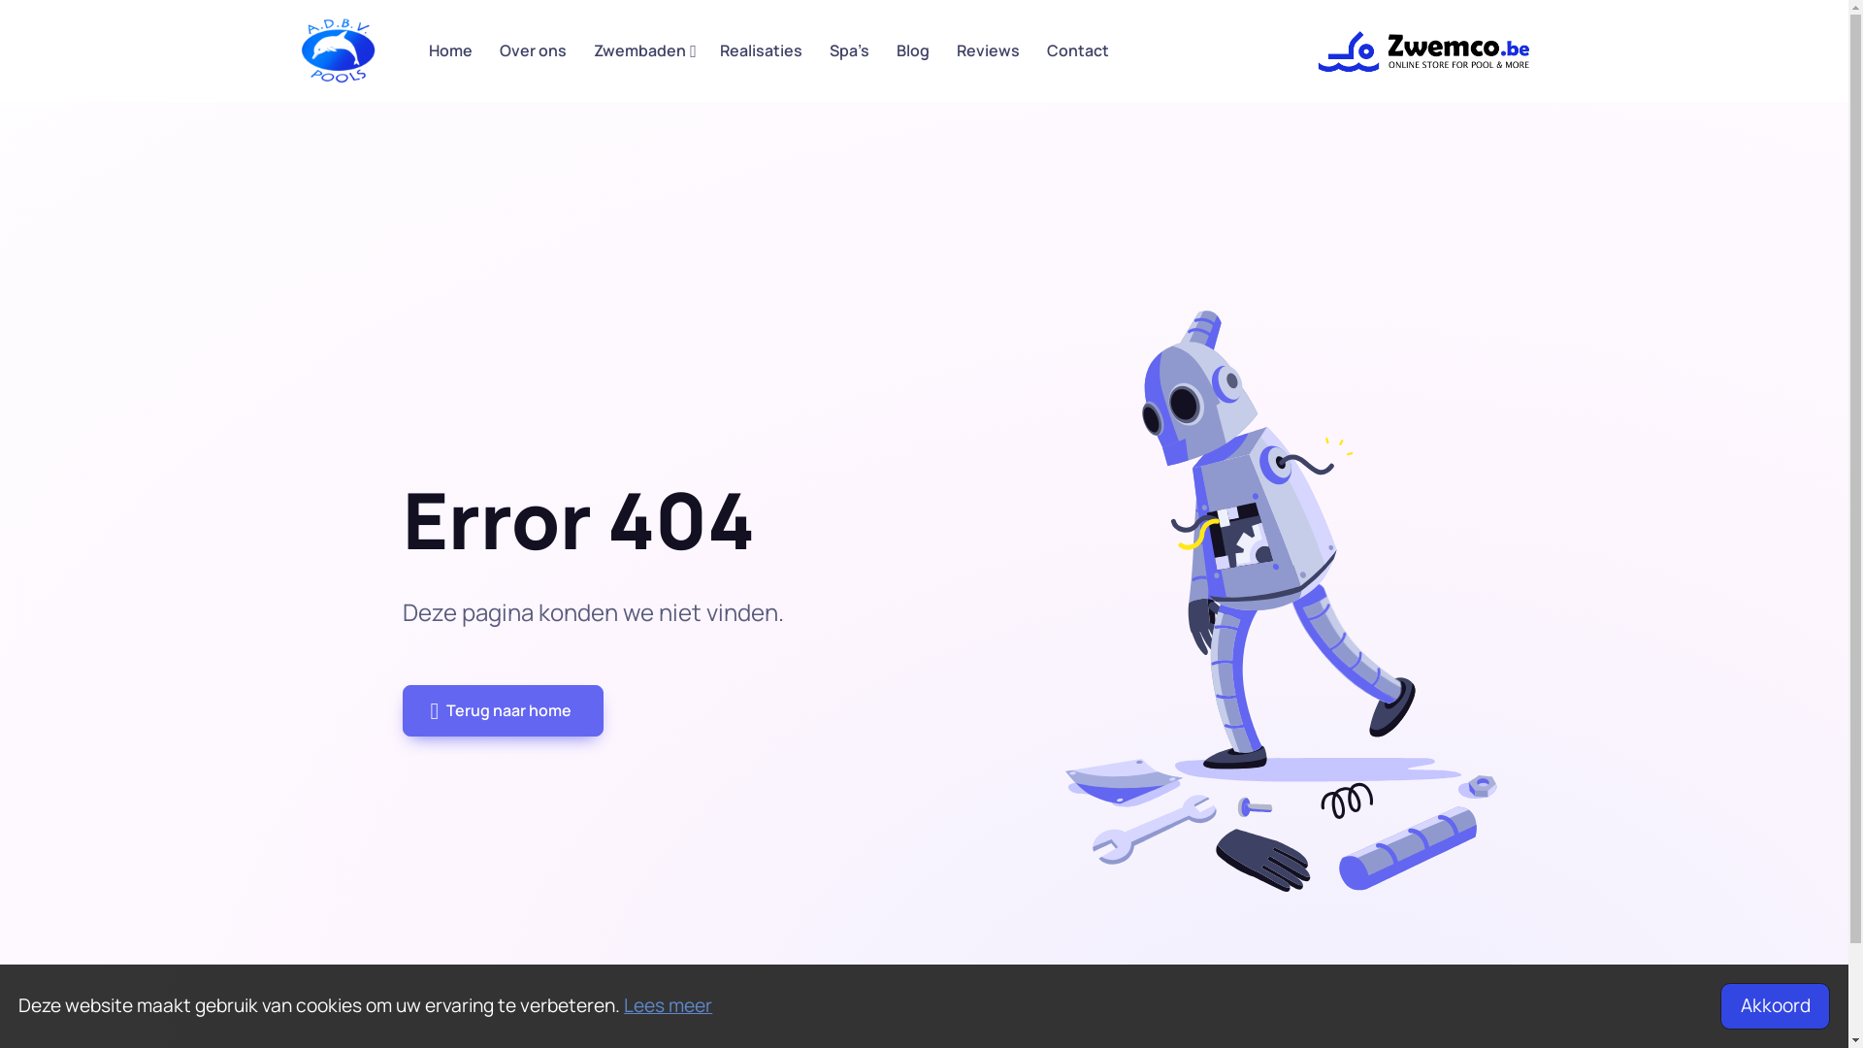 The height and width of the screenshot is (1048, 1863). I want to click on 'Akkoord', so click(1774, 1005).